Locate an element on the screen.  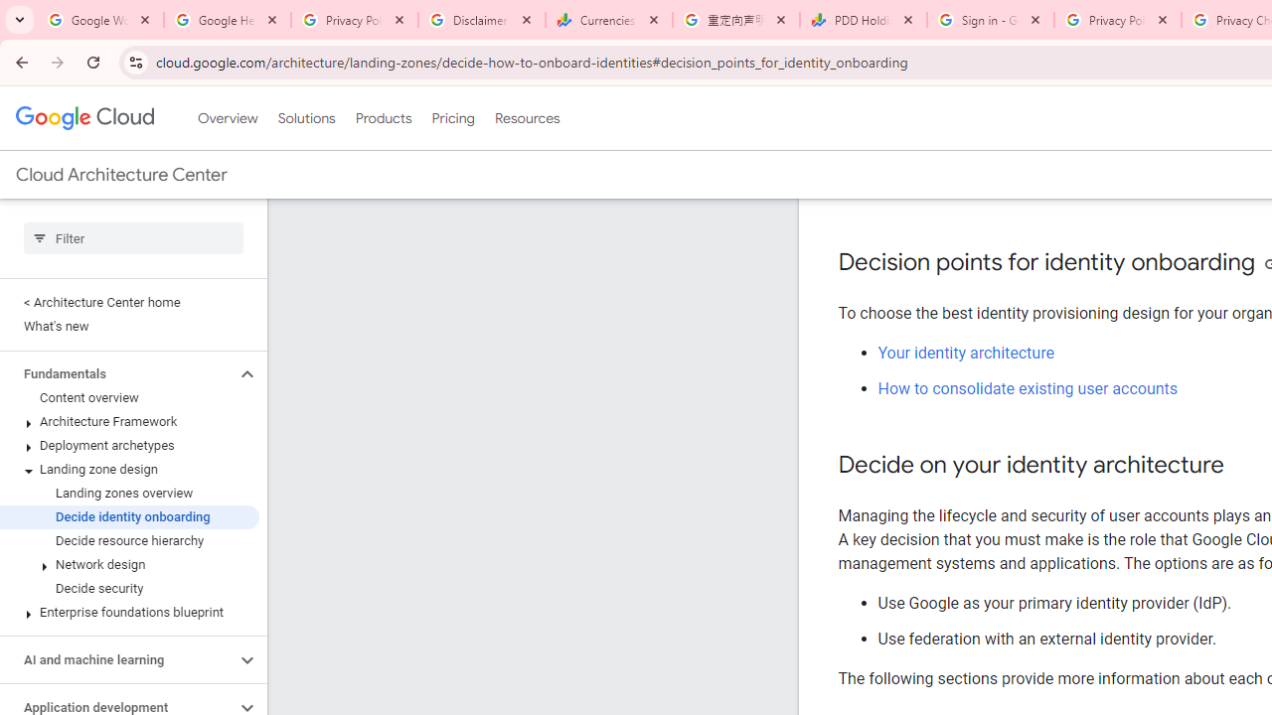
'Pricing' is located at coordinates (451, 118).